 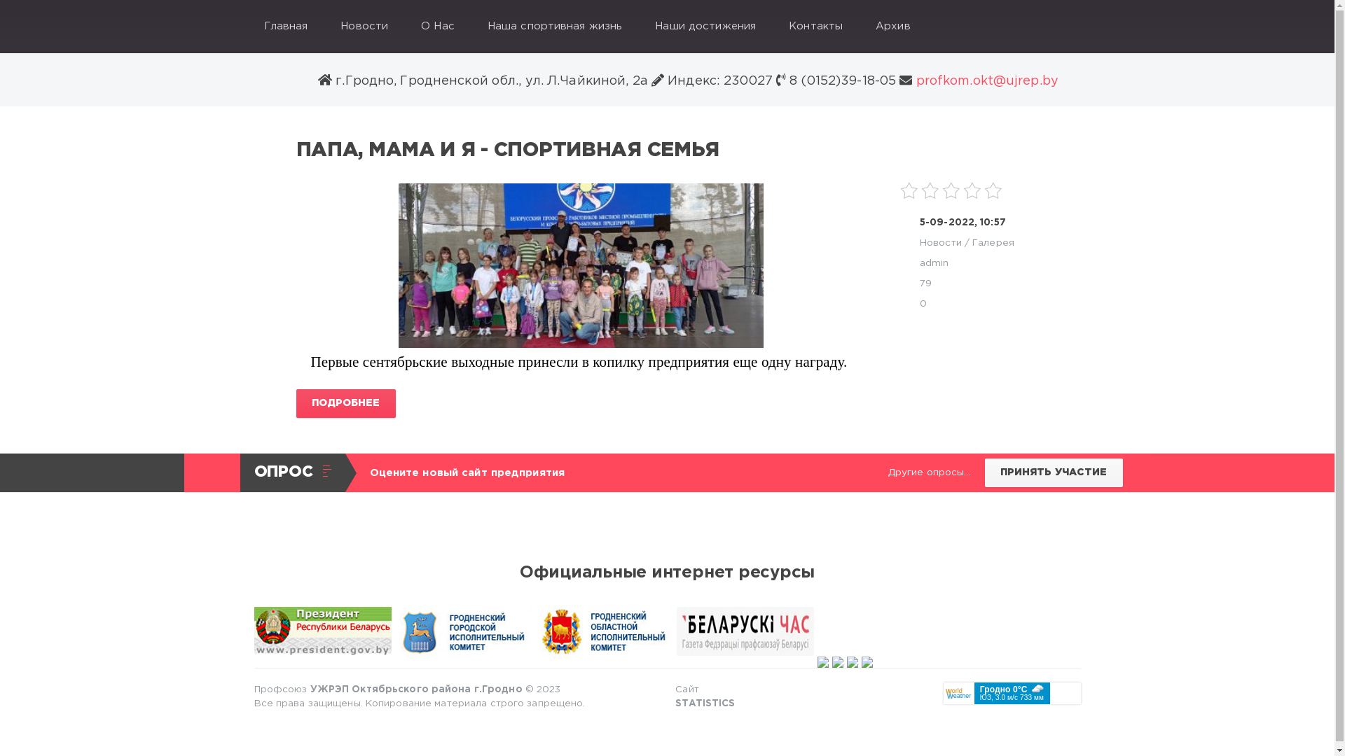 I want to click on '3', so click(x=951, y=190).